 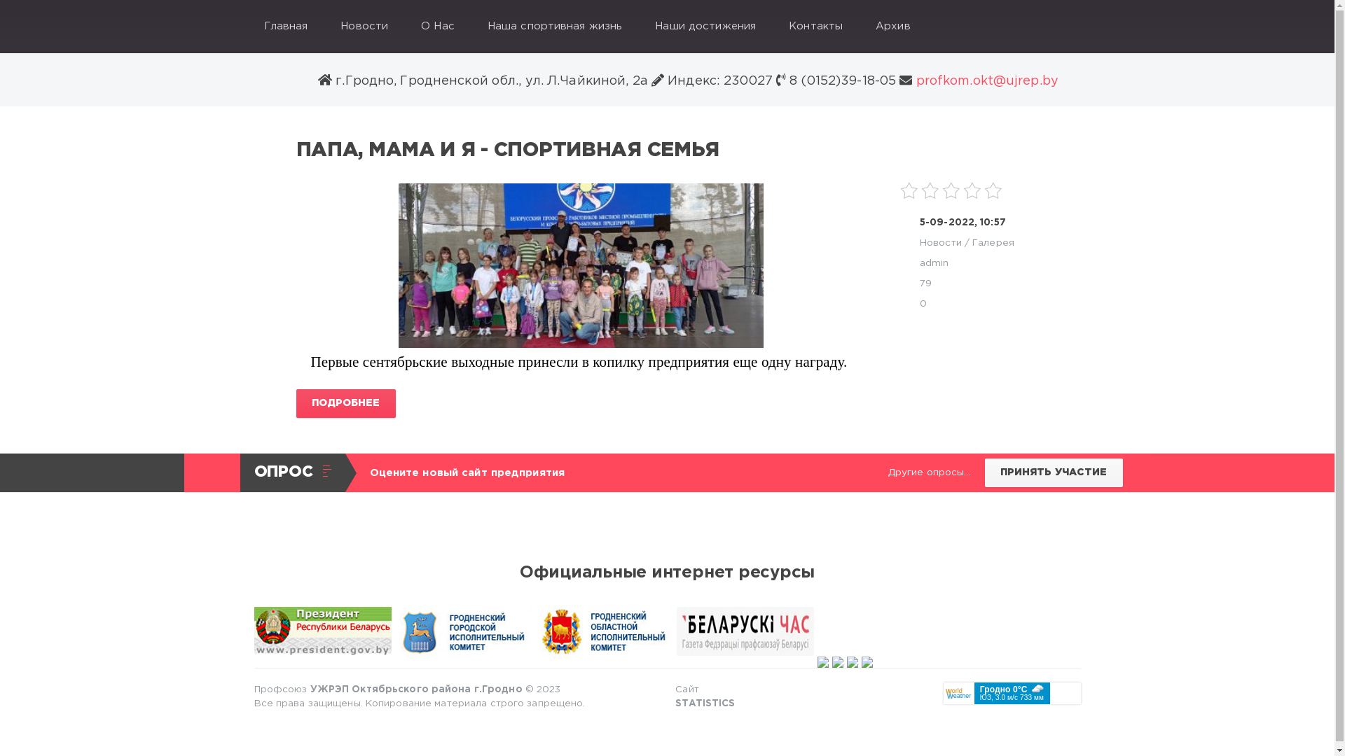 I want to click on '3', so click(x=951, y=190).